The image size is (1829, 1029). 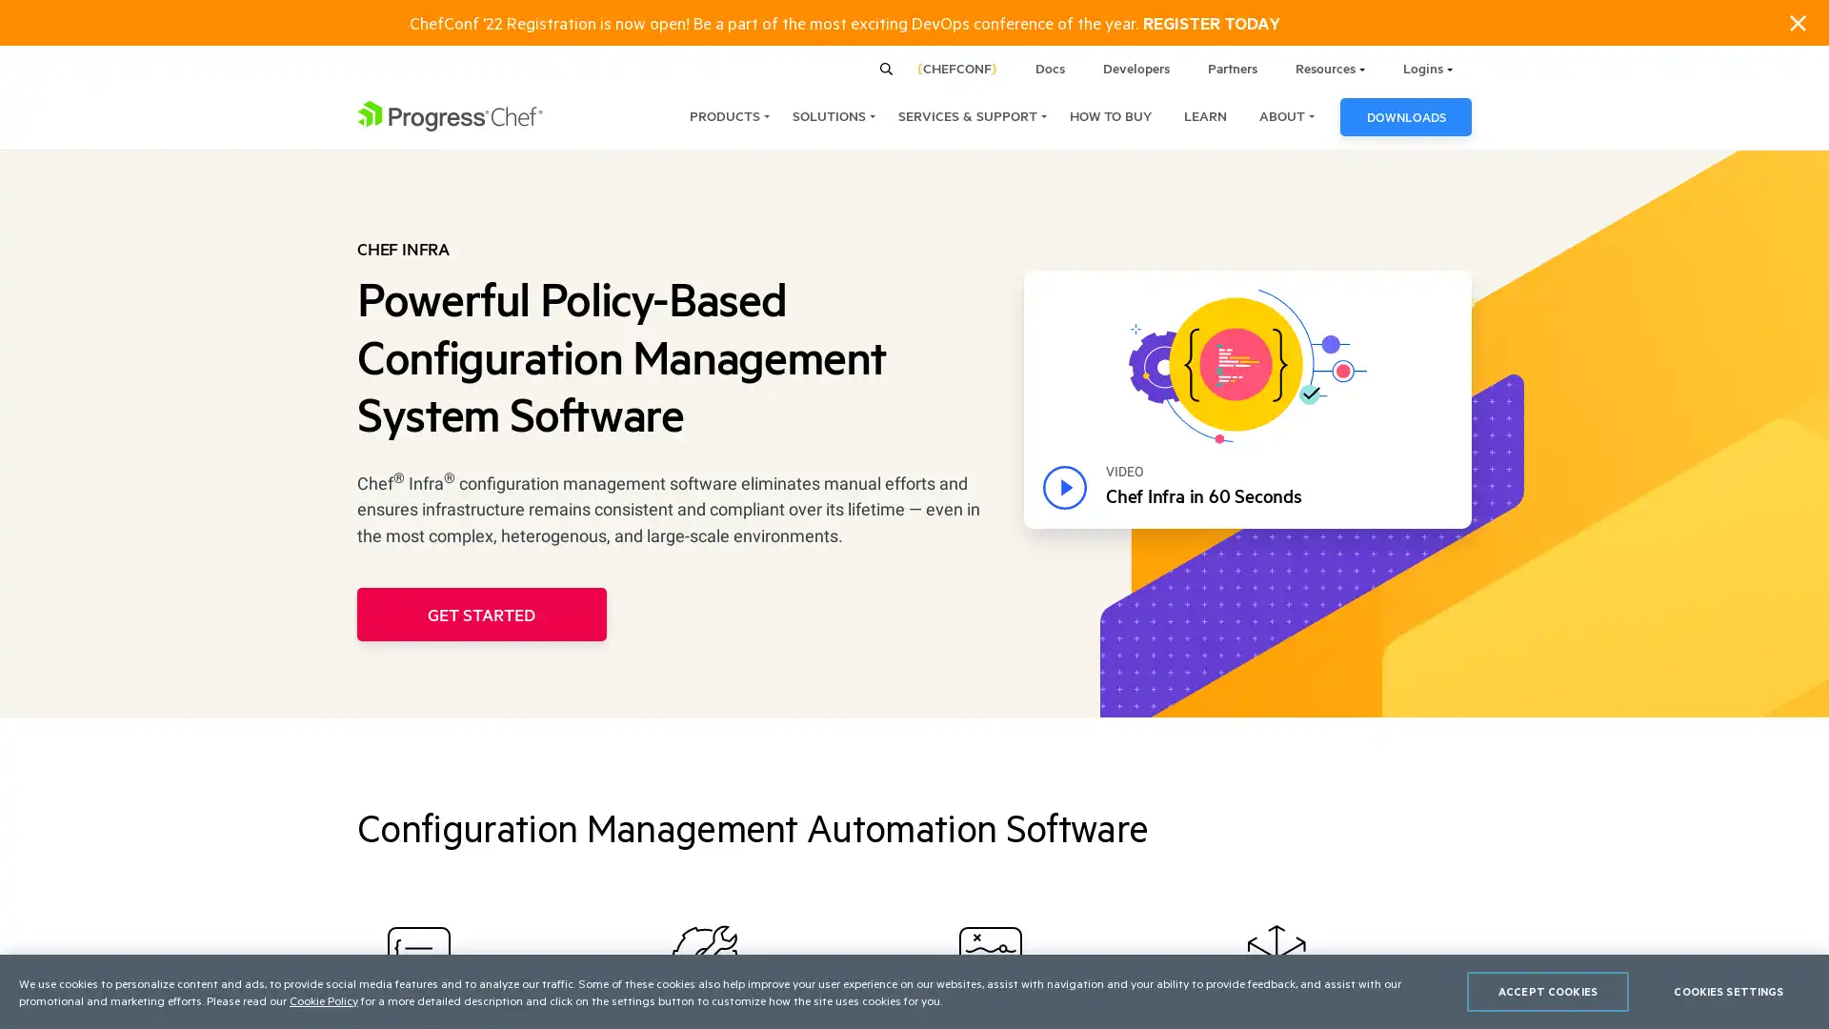 What do you see at coordinates (1728, 991) in the screenshot?
I see `COOKIES SETTINGS` at bounding box center [1728, 991].